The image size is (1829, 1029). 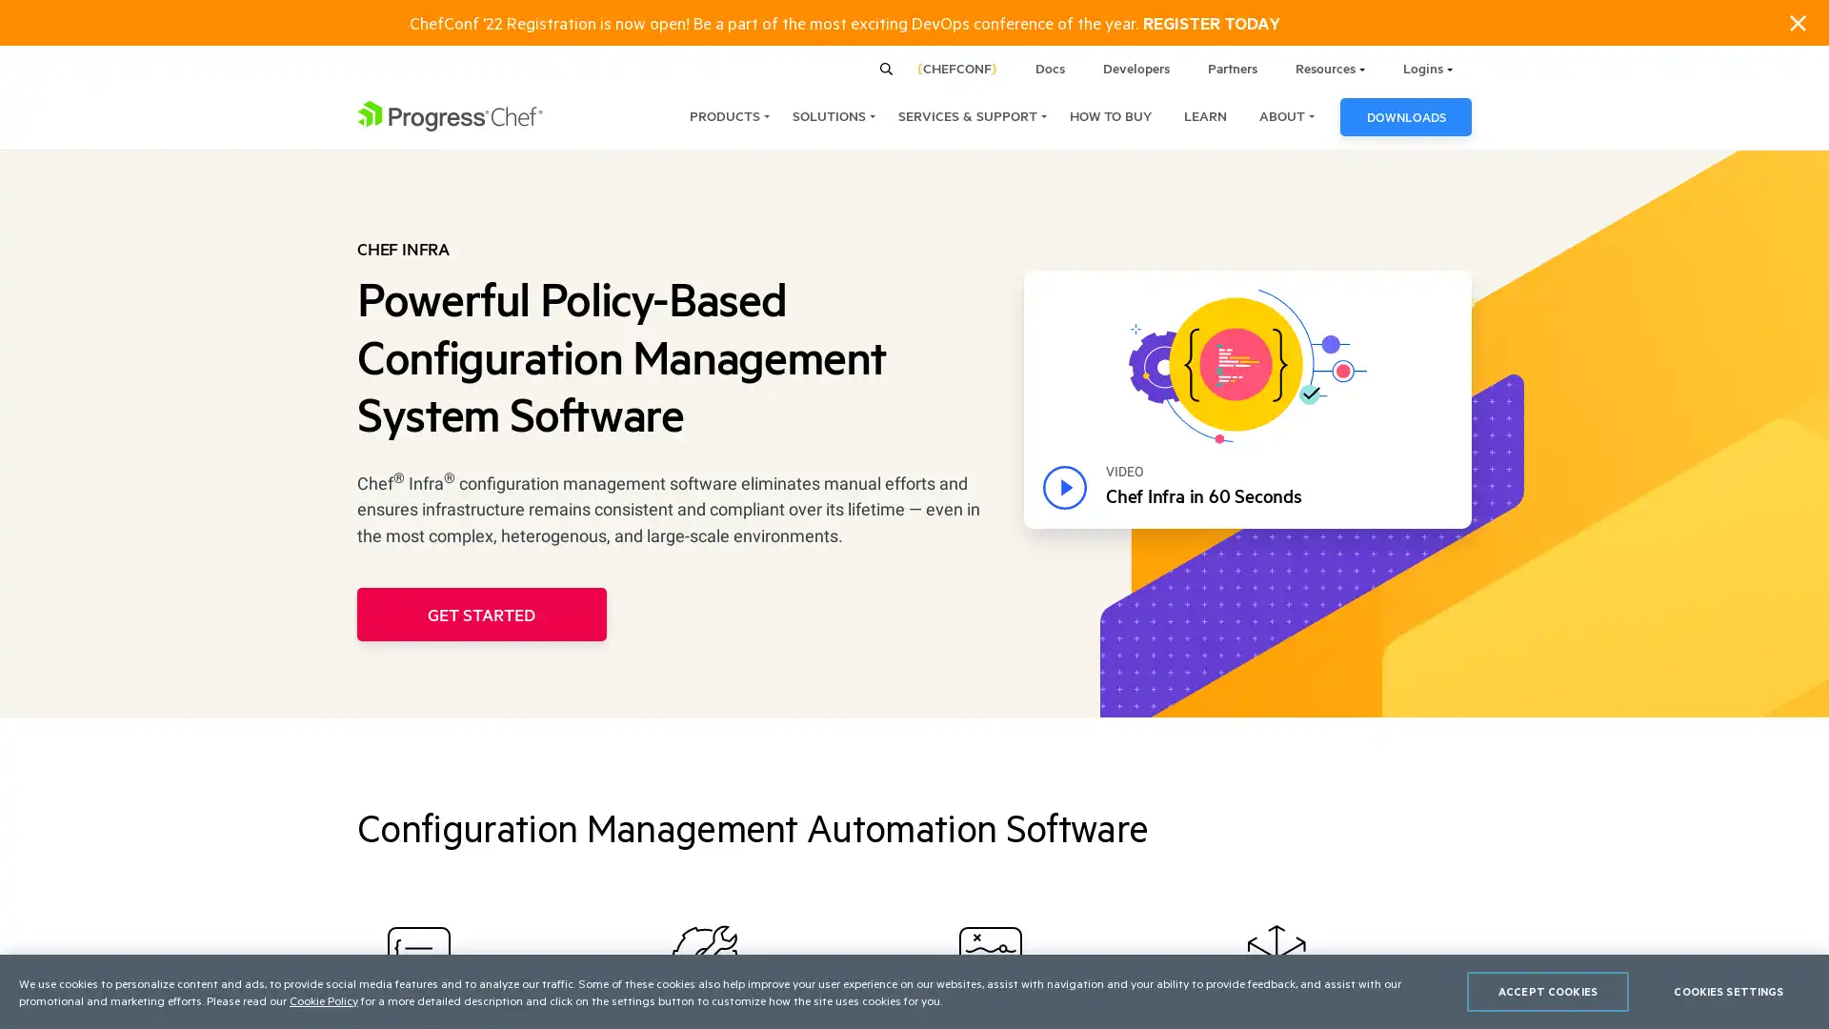 What do you see at coordinates (1728, 991) in the screenshot?
I see `COOKIES SETTINGS` at bounding box center [1728, 991].